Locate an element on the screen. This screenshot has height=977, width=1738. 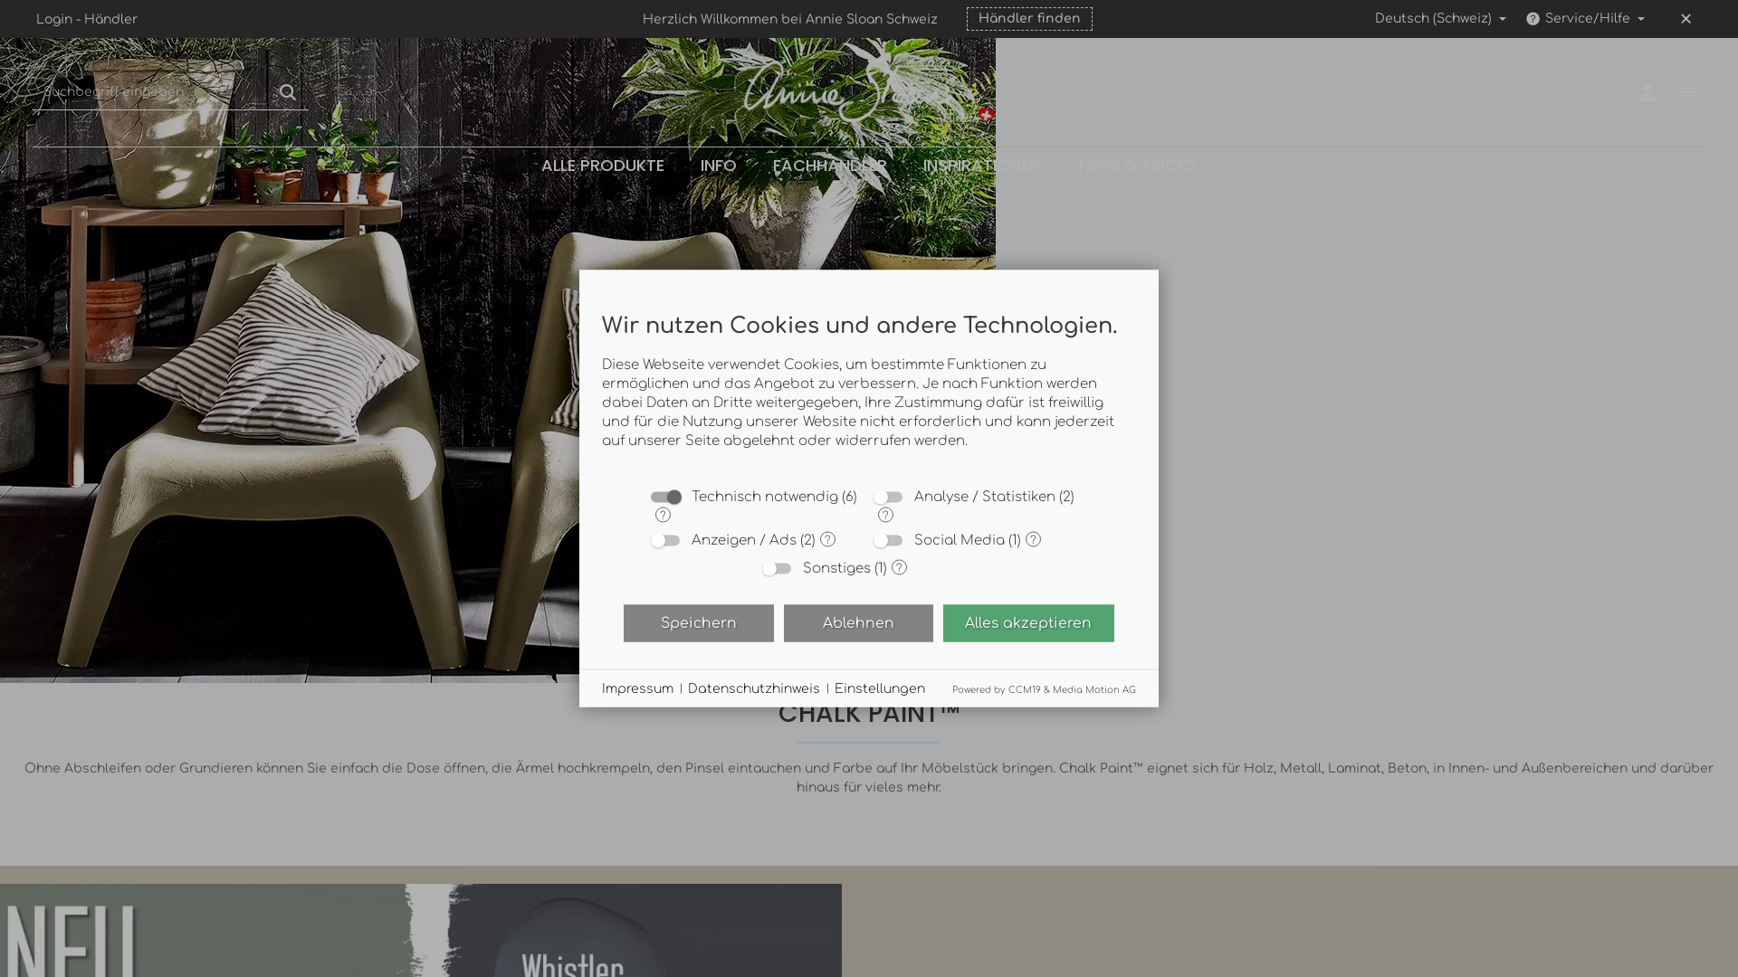
'Service/Hilfe' is located at coordinates (1583, 18).